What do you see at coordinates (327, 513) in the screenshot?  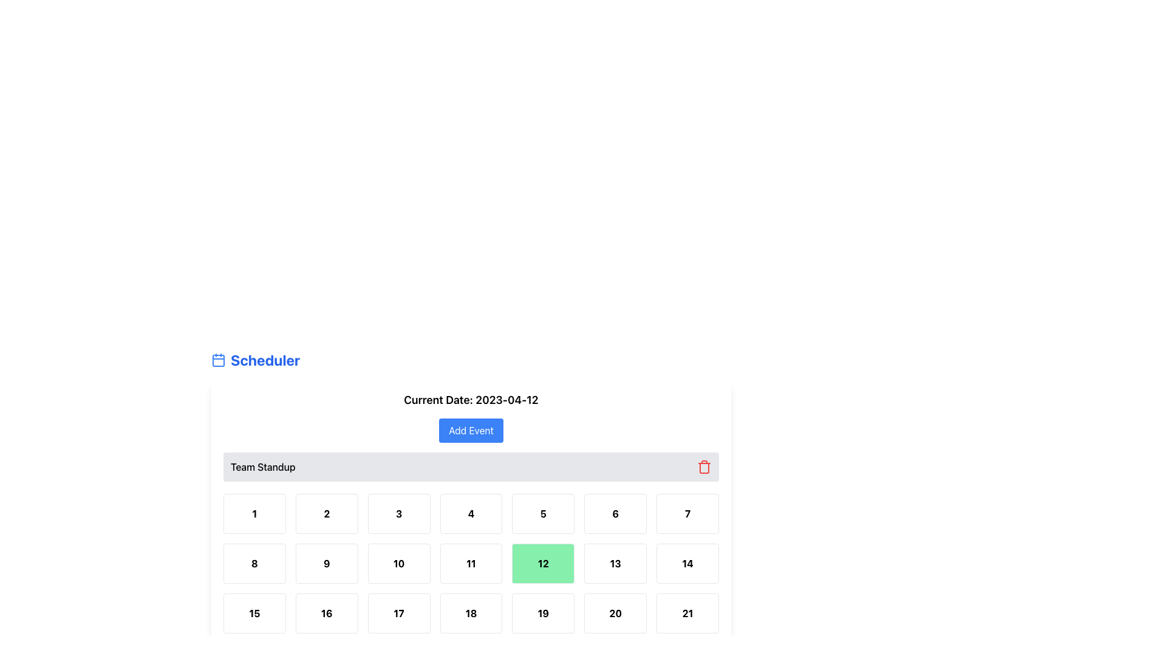 I see `the clickable box containing the number '2' to change its background color` at bounding box center [327, 513].